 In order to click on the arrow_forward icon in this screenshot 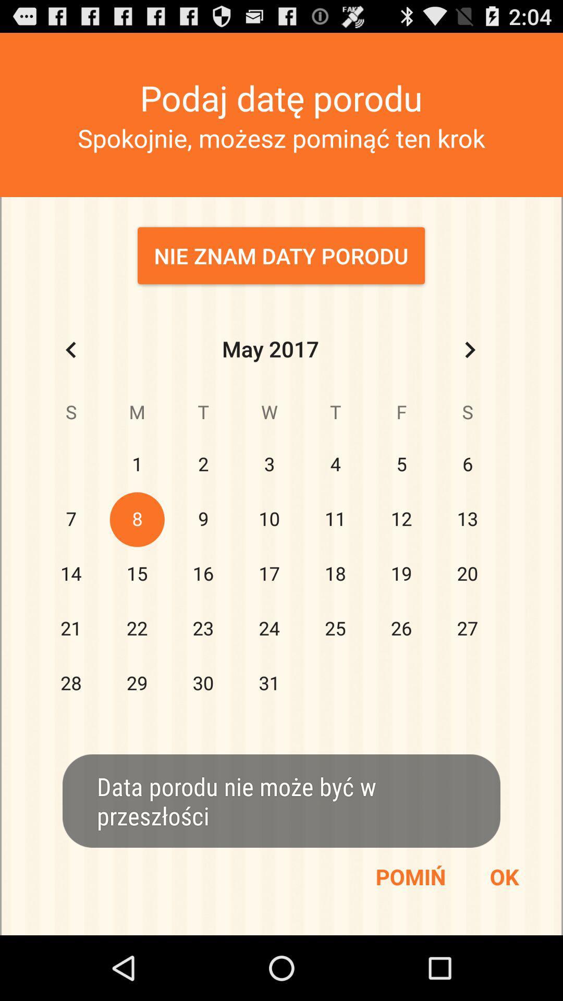, I will do `click(470, 374)`.